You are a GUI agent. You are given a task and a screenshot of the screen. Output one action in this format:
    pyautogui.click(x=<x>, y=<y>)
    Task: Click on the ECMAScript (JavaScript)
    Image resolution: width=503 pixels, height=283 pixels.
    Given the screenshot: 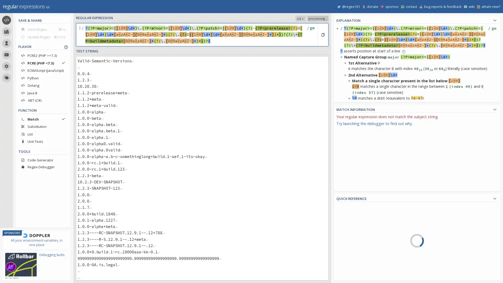 What is the action you would take?
    pyautogui.click(x=43, y=70)
    